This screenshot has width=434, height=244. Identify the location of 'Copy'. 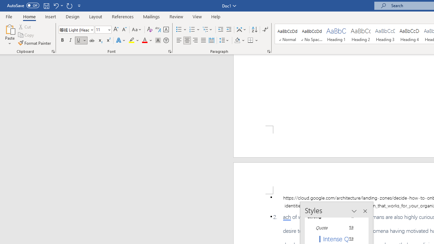
(26, 35).